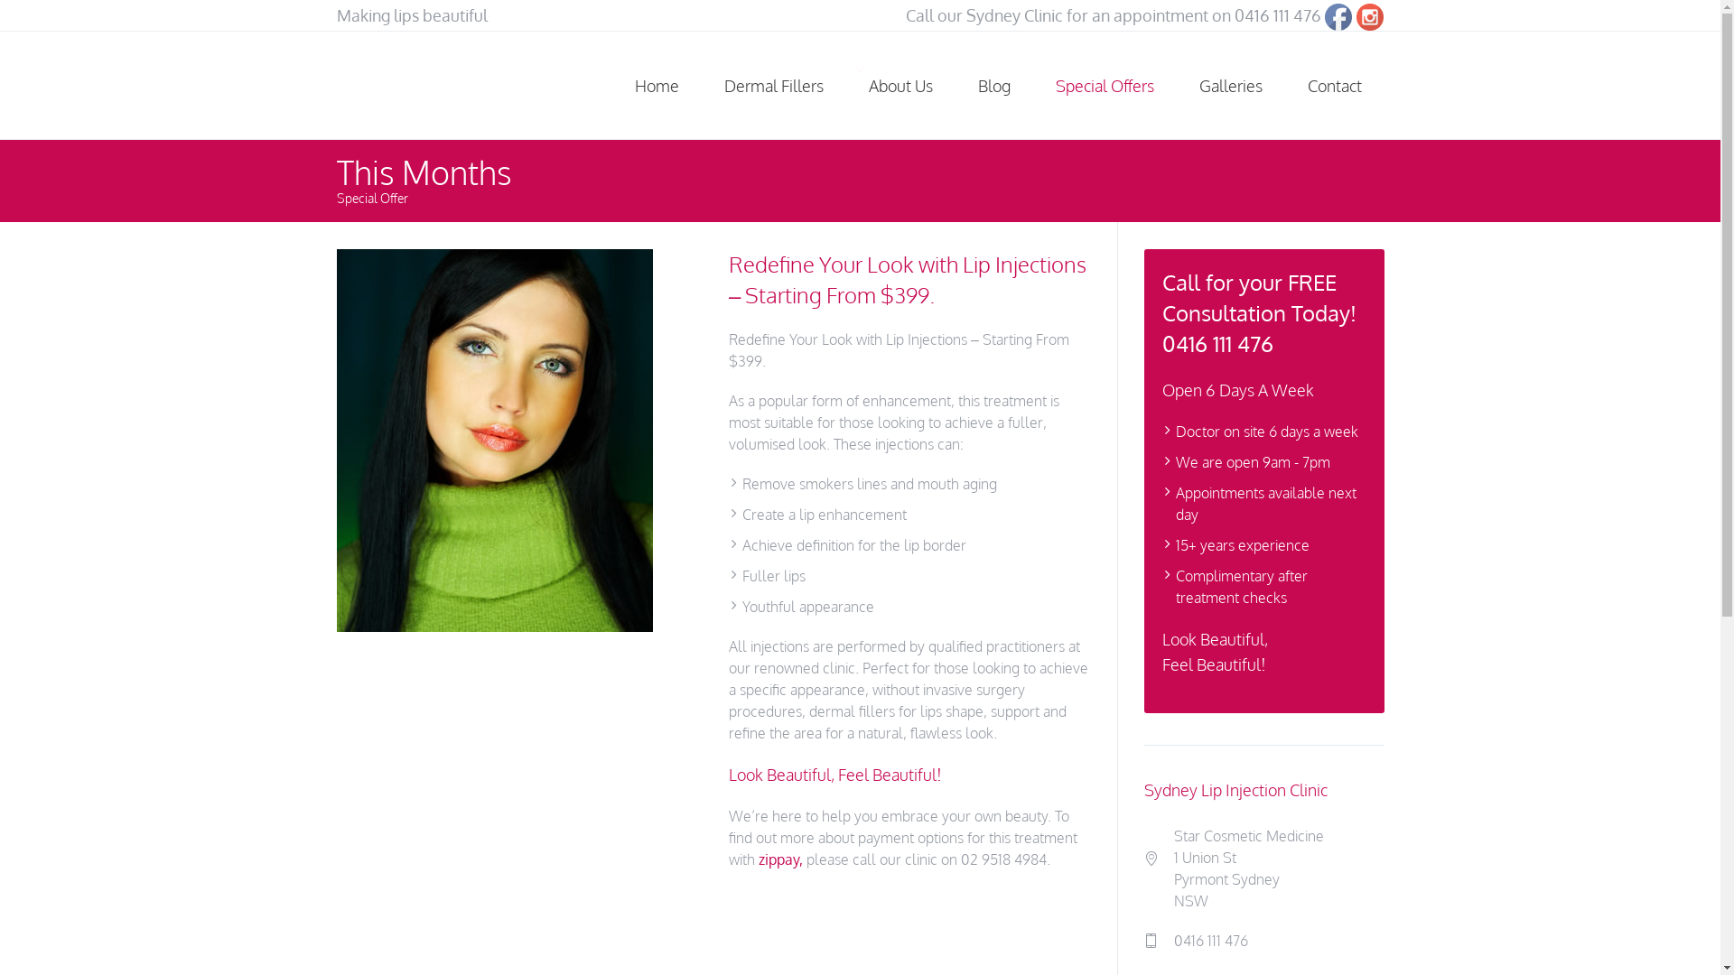 Image resolution: width=1734 pixels, height=975 pixels. Describe the element at coordinates (993, 86) in the screenshot. I see `'Blog'` at that location.